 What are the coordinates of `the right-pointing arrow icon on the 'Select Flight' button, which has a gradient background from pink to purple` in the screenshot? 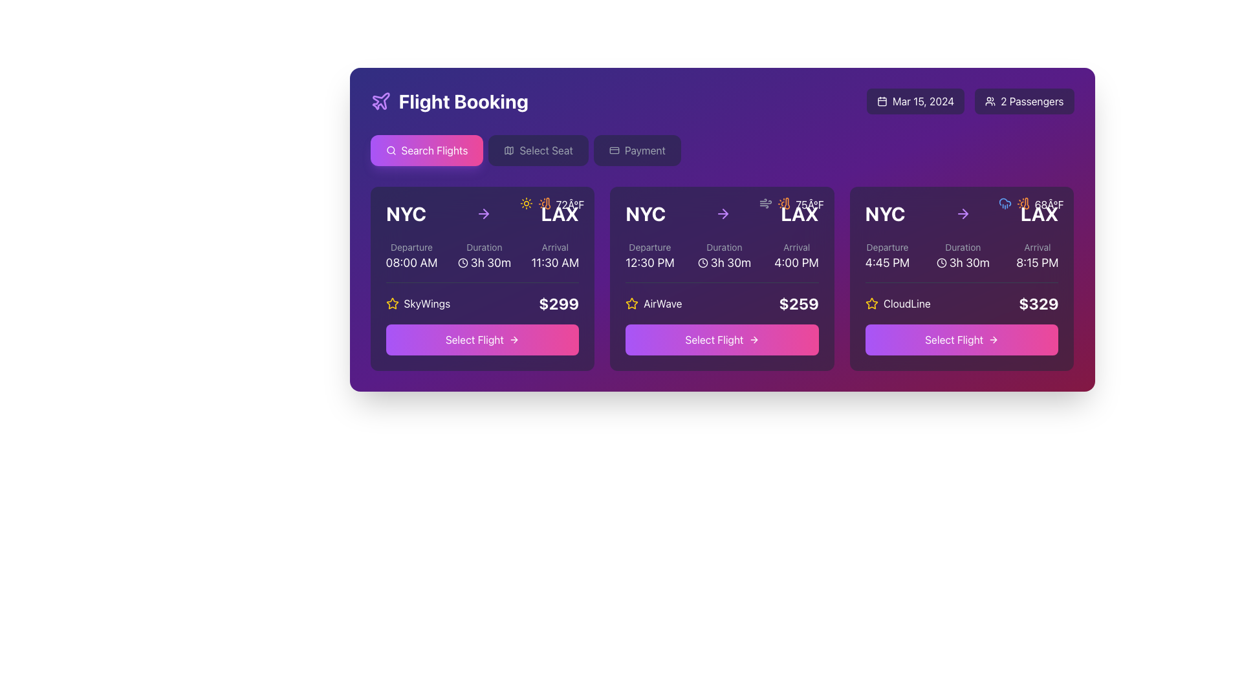 It's located at (513, 339).